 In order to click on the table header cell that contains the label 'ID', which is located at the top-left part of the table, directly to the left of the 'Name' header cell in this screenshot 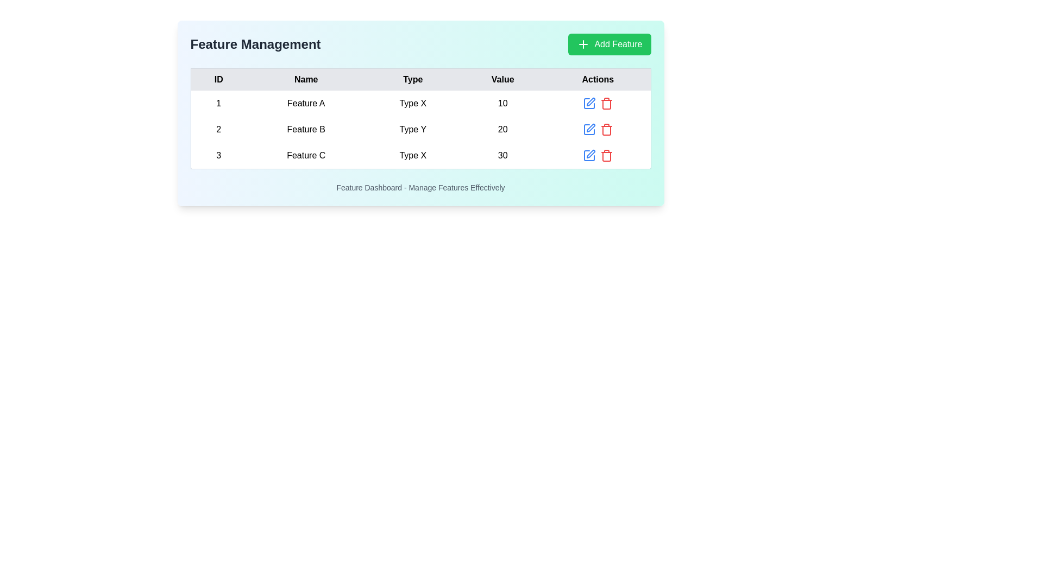, I will do `click(218, 79)`.